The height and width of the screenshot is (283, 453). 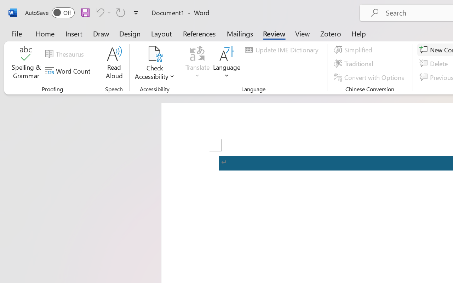 What do you see at coordinates (227, 63) in the screenshot?
I see `'Language'` at bounding box center [227, 63].